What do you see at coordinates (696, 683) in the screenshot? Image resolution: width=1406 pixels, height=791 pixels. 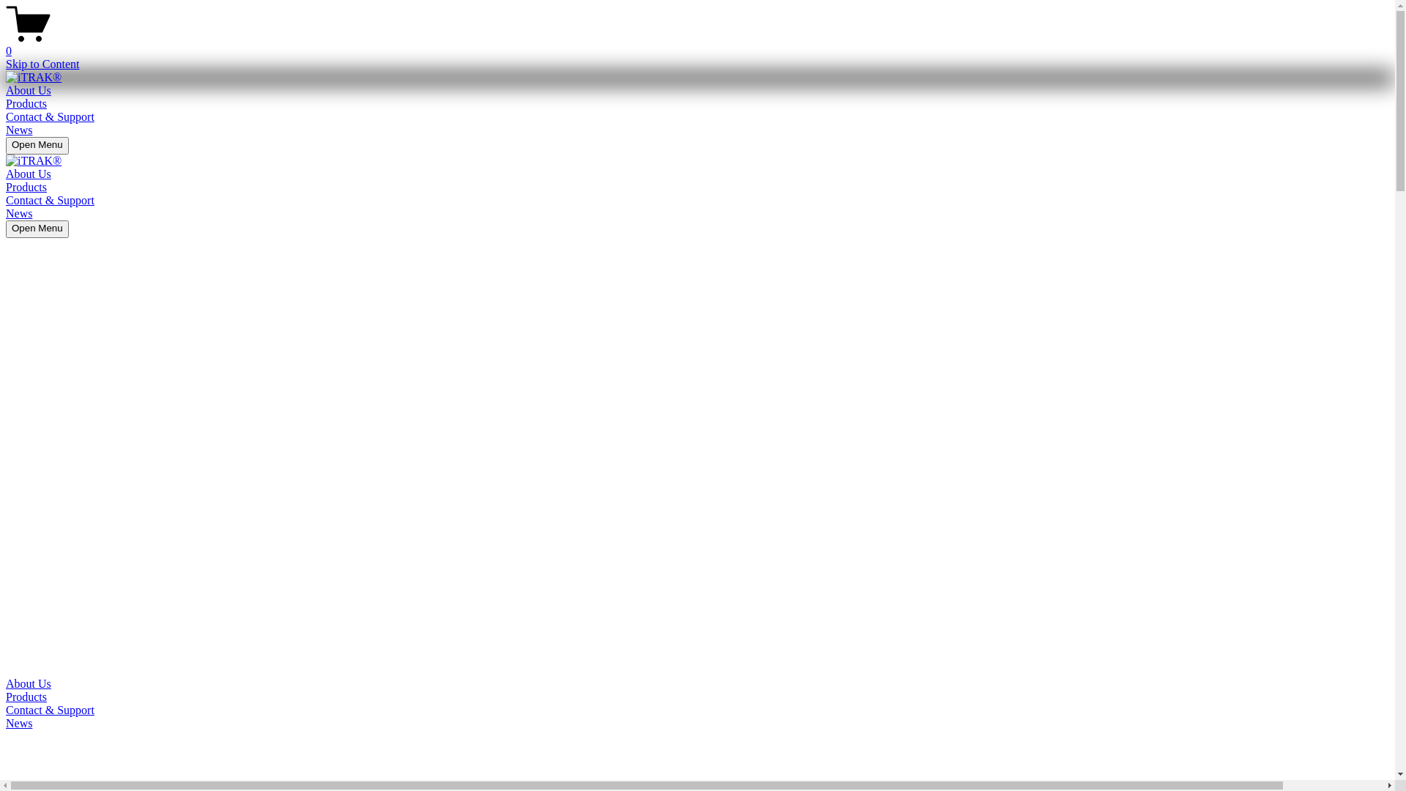 I see `'About Us'` at bounding box center [696, 683].